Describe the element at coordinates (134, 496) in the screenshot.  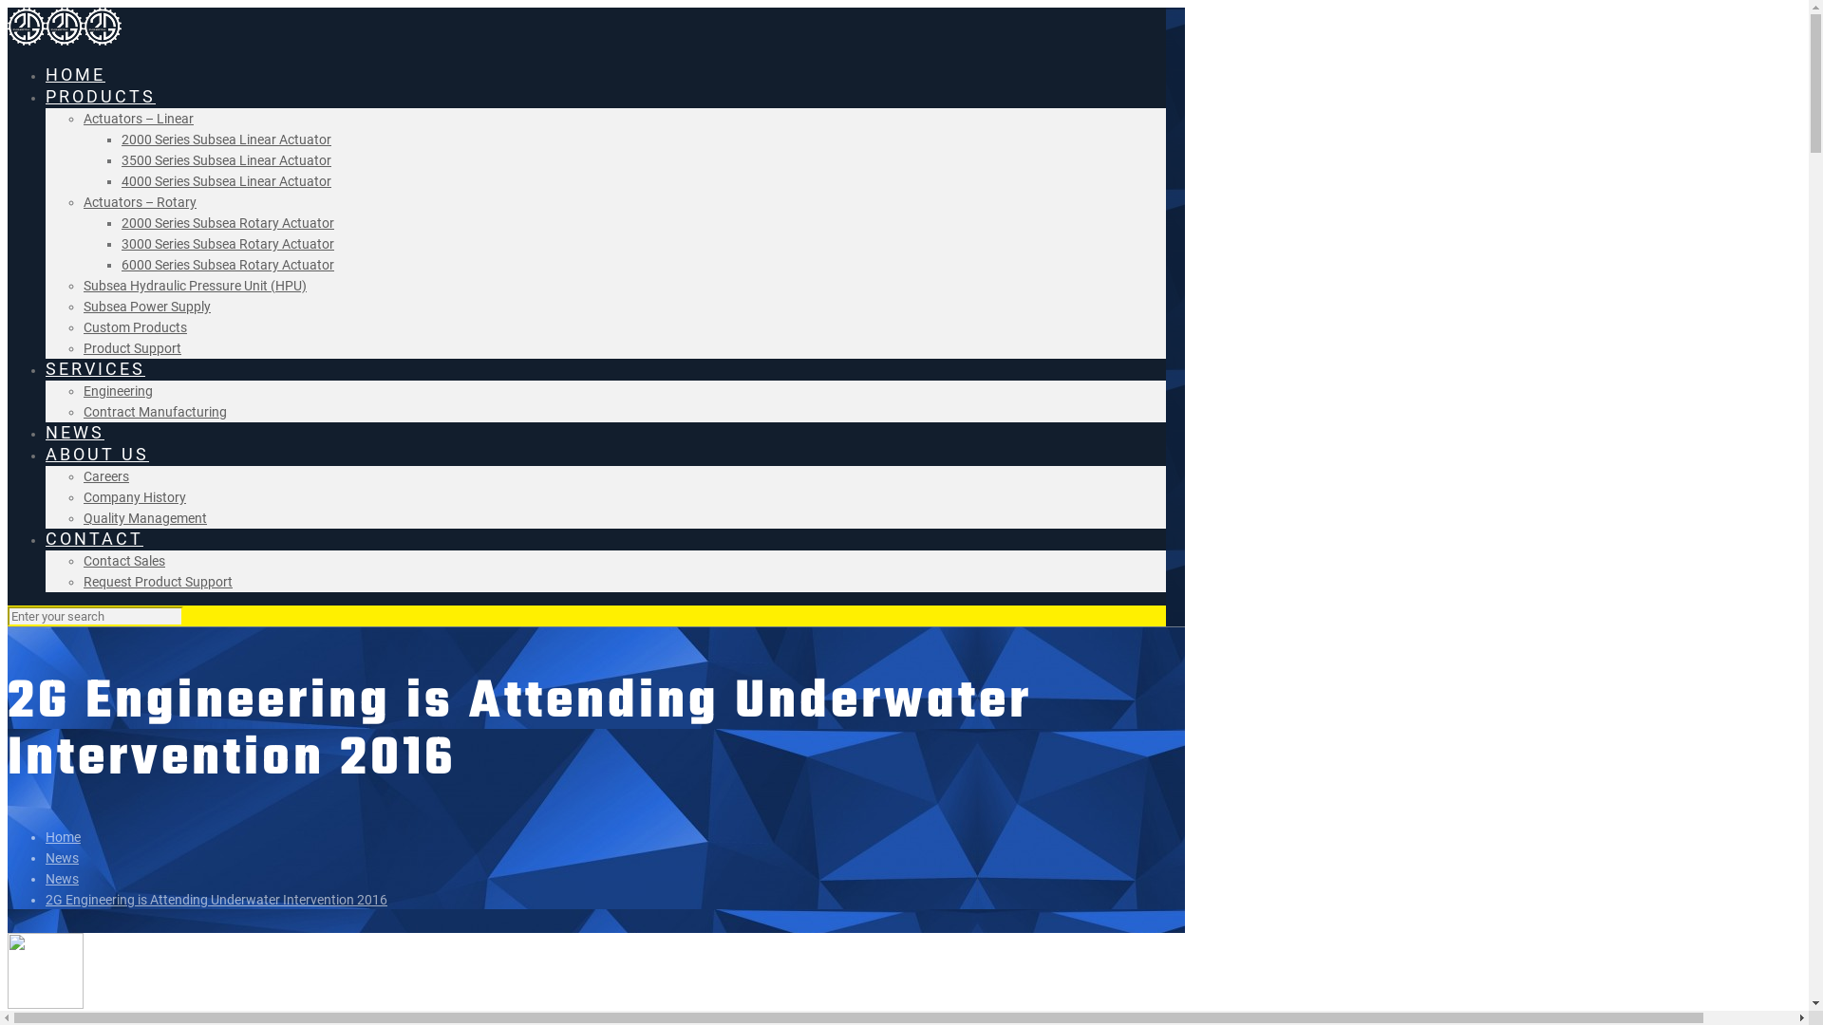
I see `'Company History'` at that location.